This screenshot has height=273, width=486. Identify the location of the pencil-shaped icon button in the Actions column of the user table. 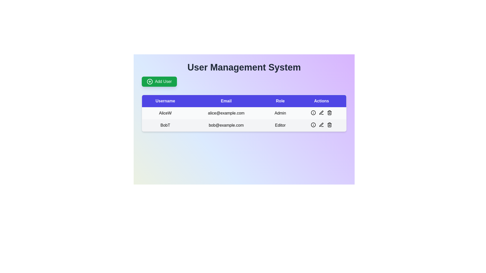
(321, 125).